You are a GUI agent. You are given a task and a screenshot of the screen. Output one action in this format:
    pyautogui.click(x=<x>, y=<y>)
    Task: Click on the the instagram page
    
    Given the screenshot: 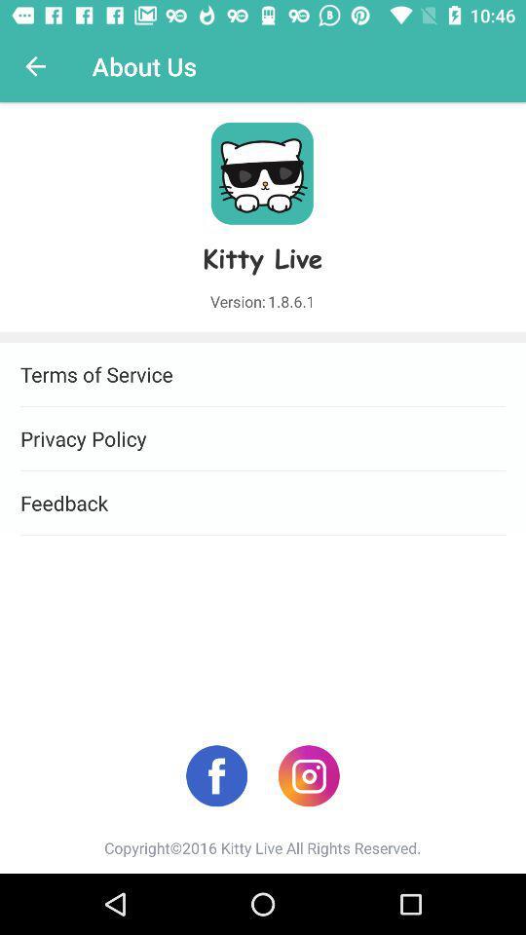 What is the action you would take?
    pyautogui.click(x=309, y=775)
    